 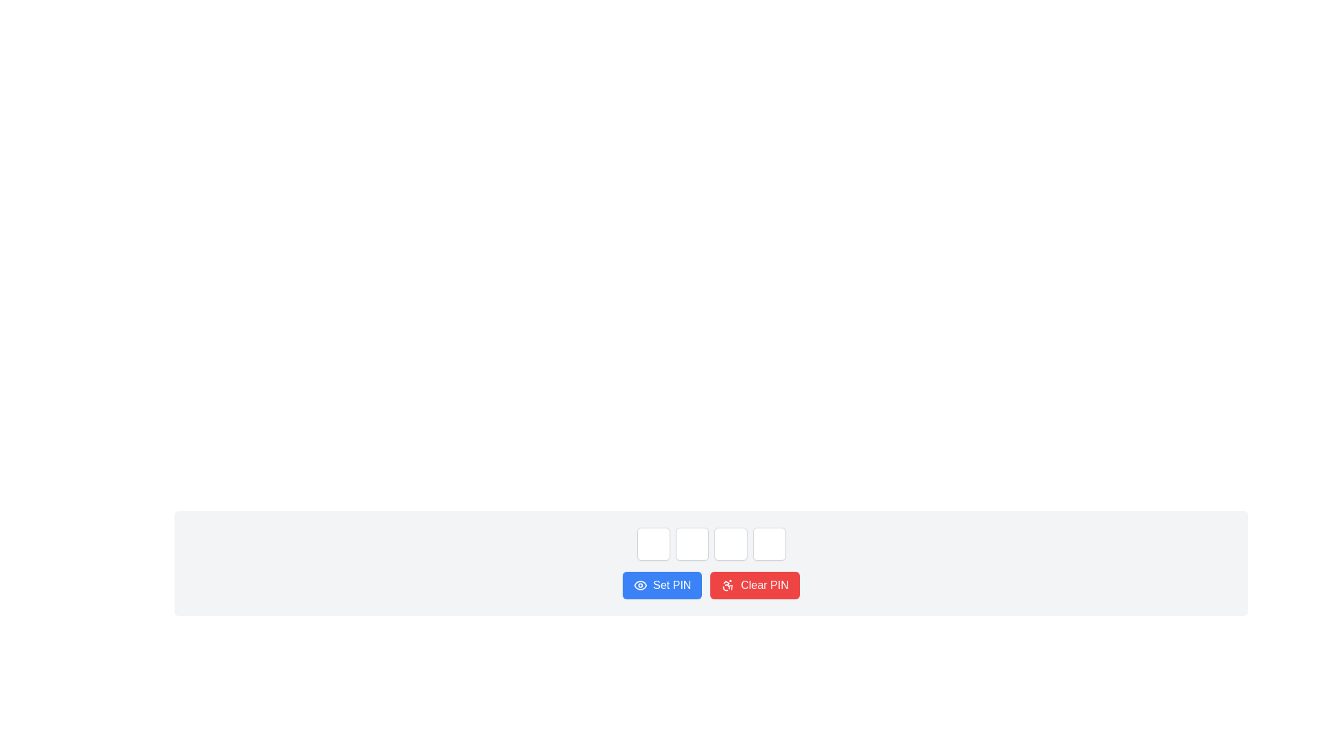 What do you see at coordinates (672, 585) in the screenshot?
I see `the button that contains the text label for setting a PIN, located to the left of the 'Clear PIN' button, below the PIN entry boxes` at bounding box center [672, 585].